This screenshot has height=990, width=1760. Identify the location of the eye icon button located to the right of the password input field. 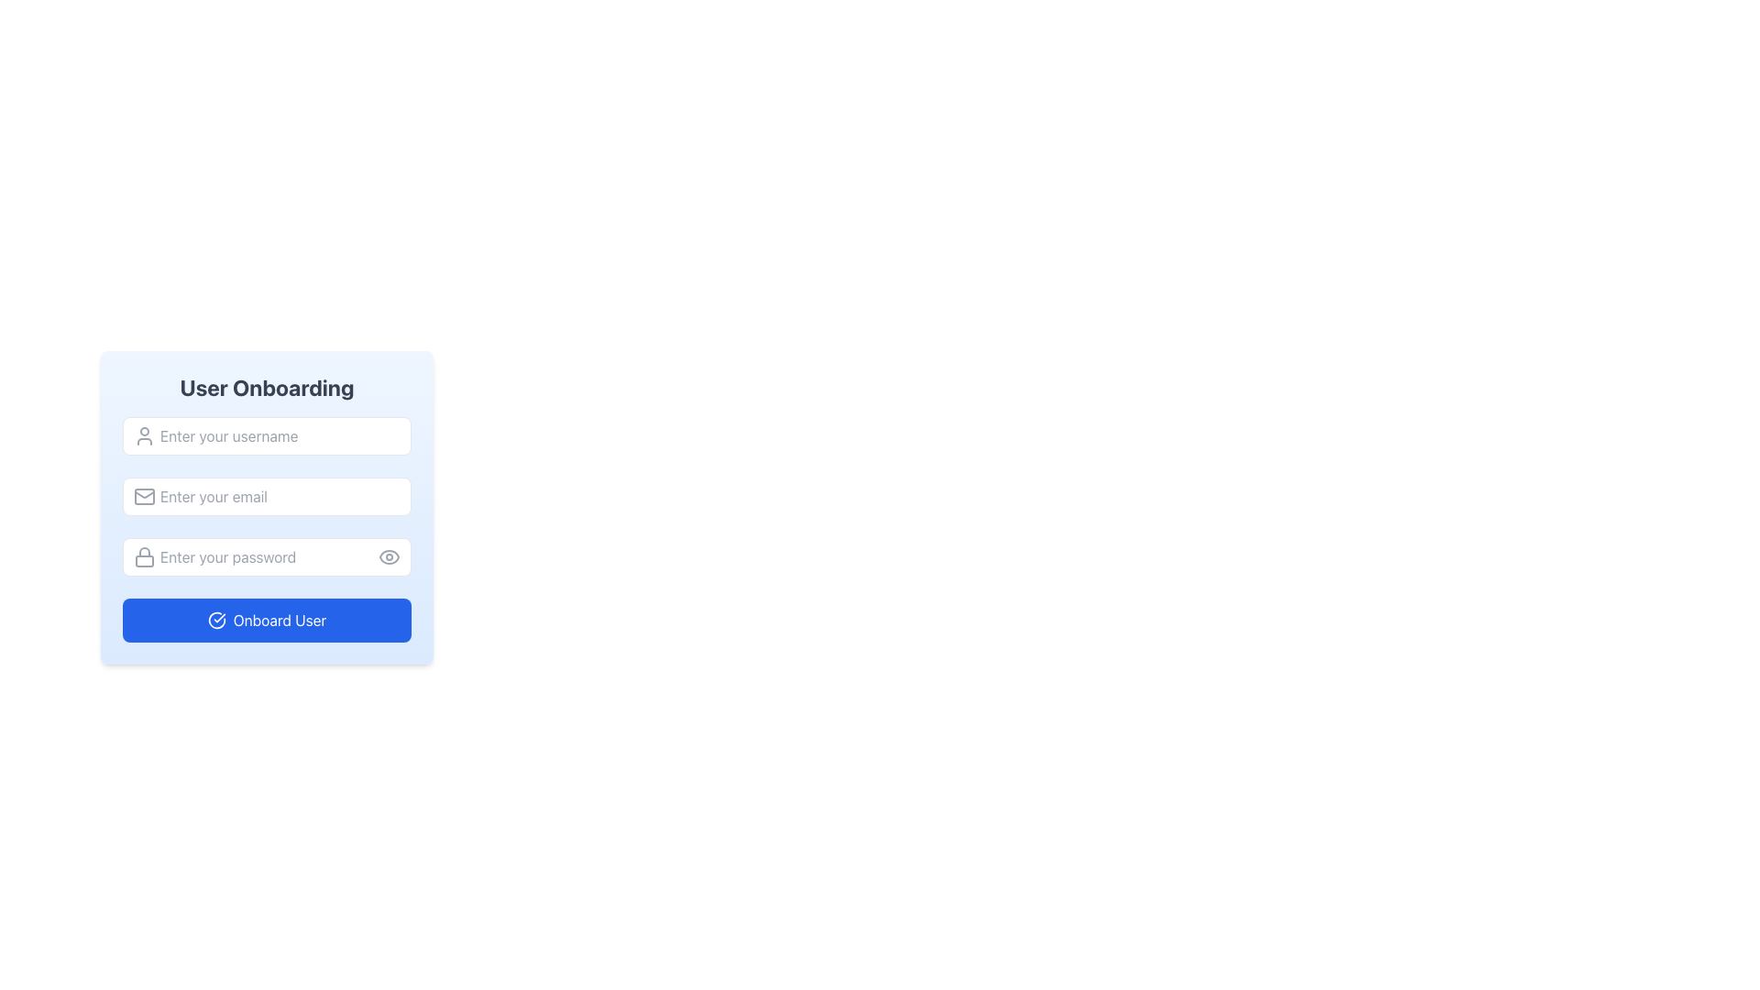
(389, 556).